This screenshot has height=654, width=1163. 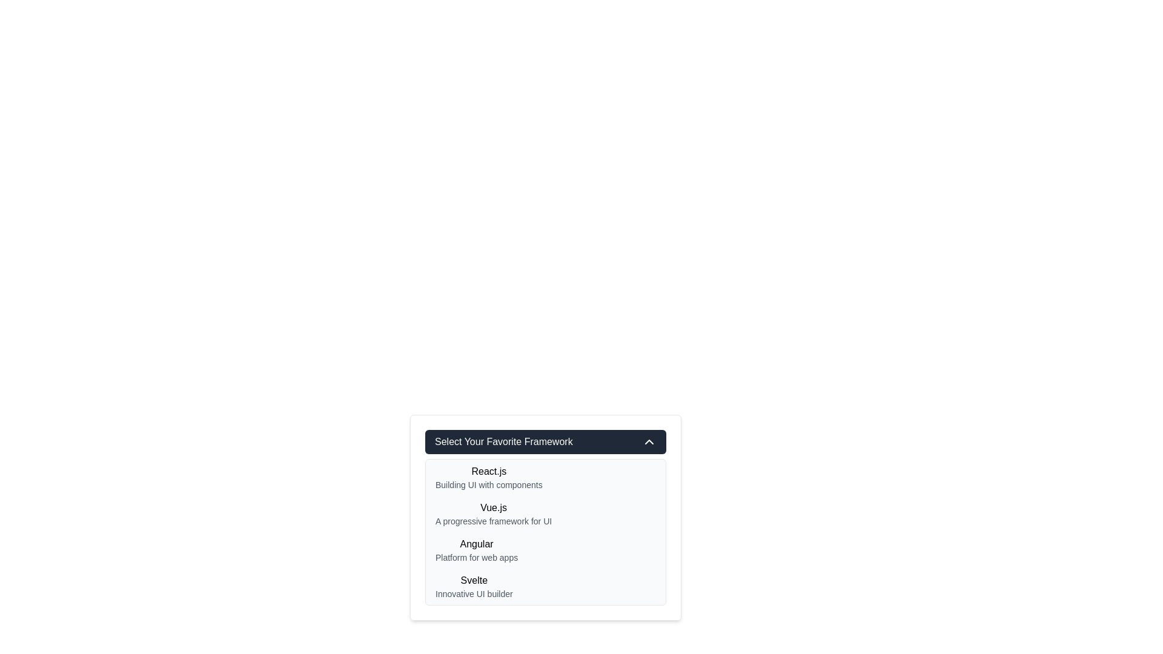 I want to click on the third selectable list item in the dropdown menu, which represents the 'Angular' framework and is located between 'Vue.js' and 'Svelte', so click(x=545, y=550).